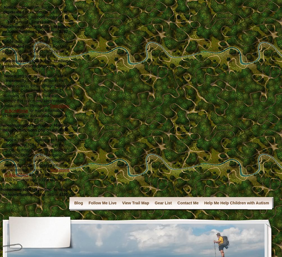 Image resolution: width=282 pixels, height=257 pixels. I want to click on 'since version 3.4.0! Use add_theme_support( 'custom-header', $args ) instead. in', so click(35, 51).